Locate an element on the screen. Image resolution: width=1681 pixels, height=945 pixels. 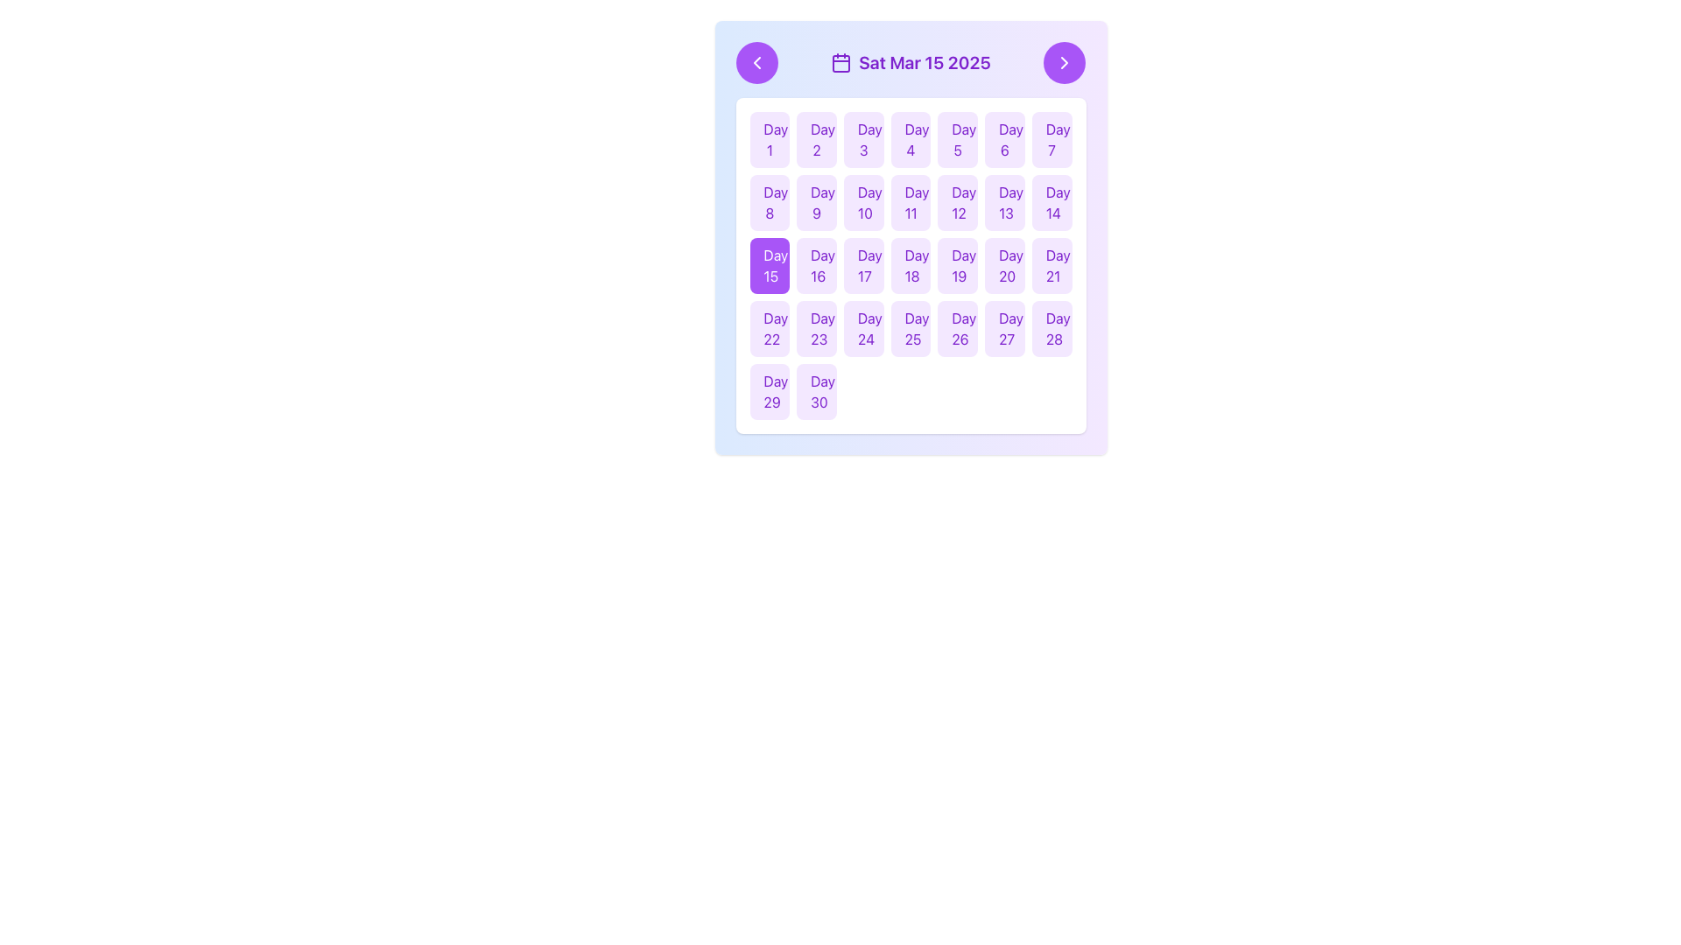
the rectangular button with rounded corners displaying 'Day 11' in a purple background, located in the second row of the calendar grid is located at coordinates (911, 201).